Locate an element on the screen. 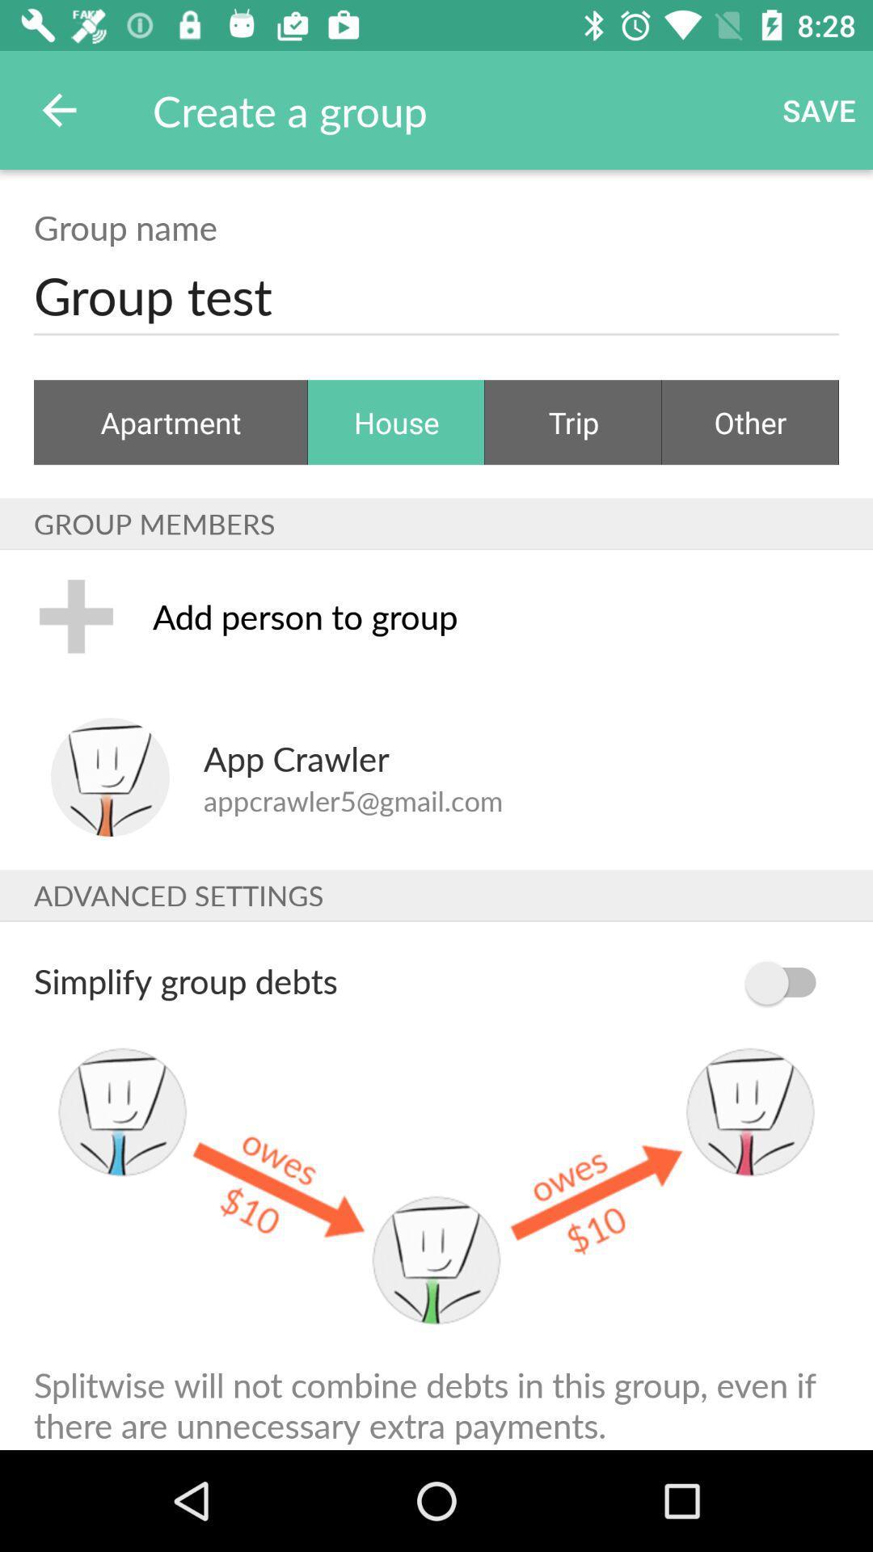 The width and height of the screenshot is (873, 1552). icon above the group name icon is located at coordinates (58, 109).